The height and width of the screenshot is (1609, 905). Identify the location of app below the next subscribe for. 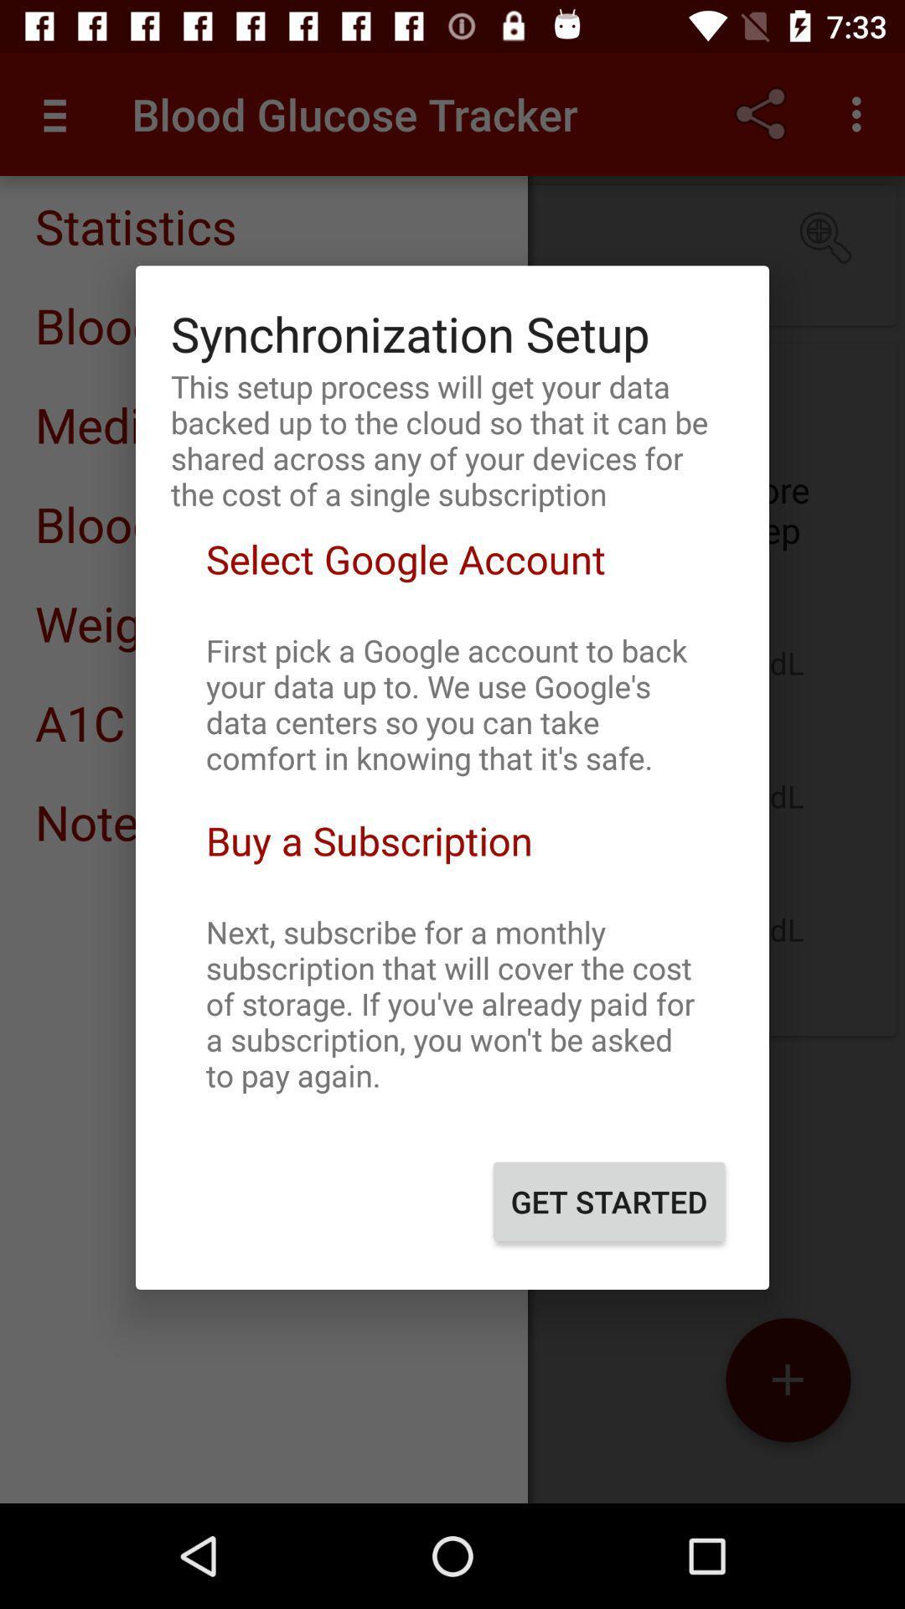
(609, 1201).